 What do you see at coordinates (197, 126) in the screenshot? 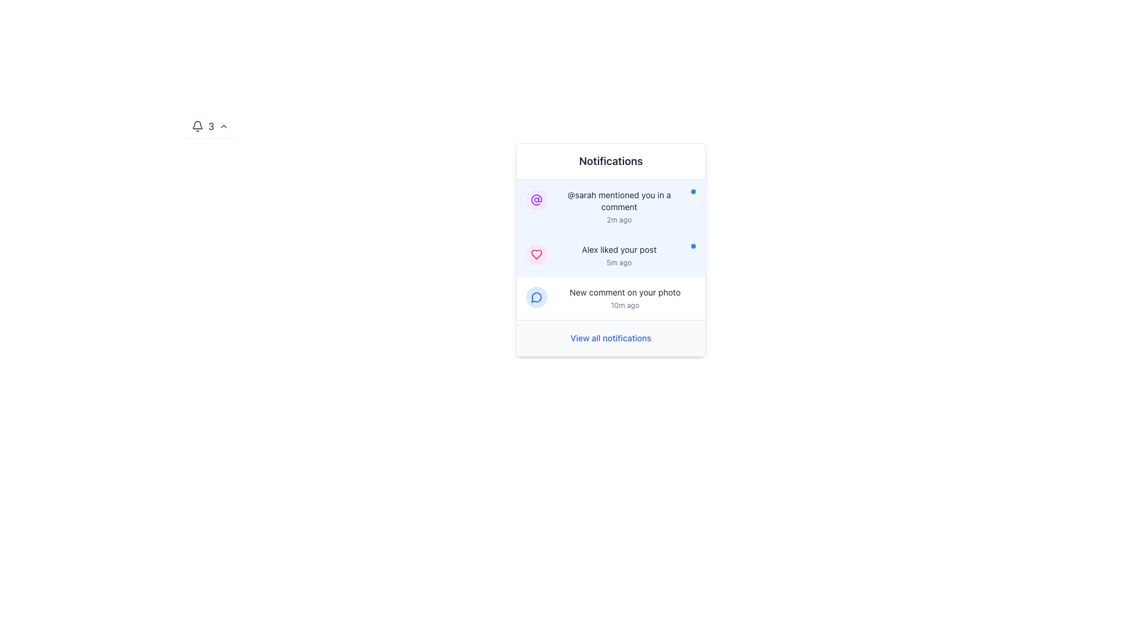
I see `the bell icon, which is a dark gray outline icon on a white background, located on the leftmost side of a notification panel` at bounding box center [197, 126].